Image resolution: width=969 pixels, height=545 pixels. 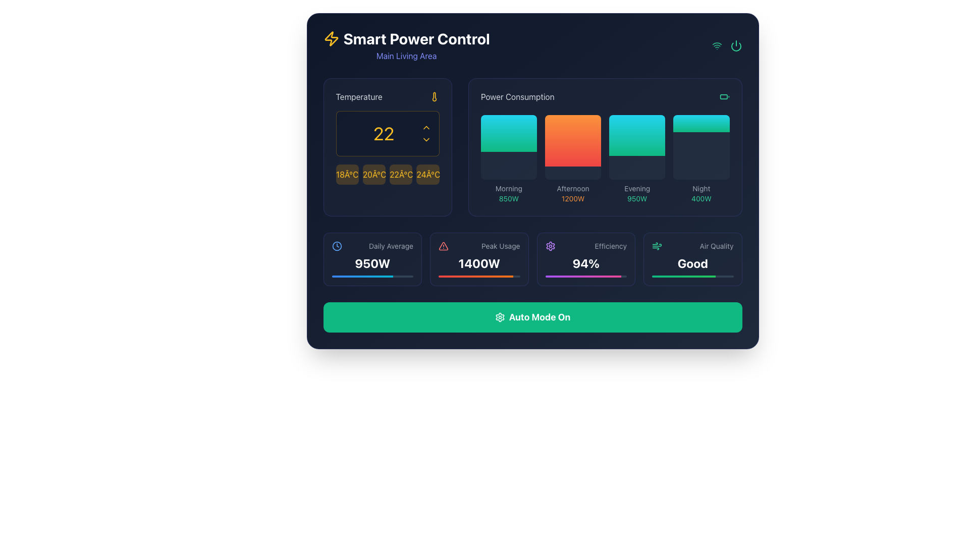 What do you see at coordinates (426, 140) in the screenshot?
I see `the Chevron Down icon located at the center of the temperature control panel to prompt a visual change` at bounding box center [426, 140].